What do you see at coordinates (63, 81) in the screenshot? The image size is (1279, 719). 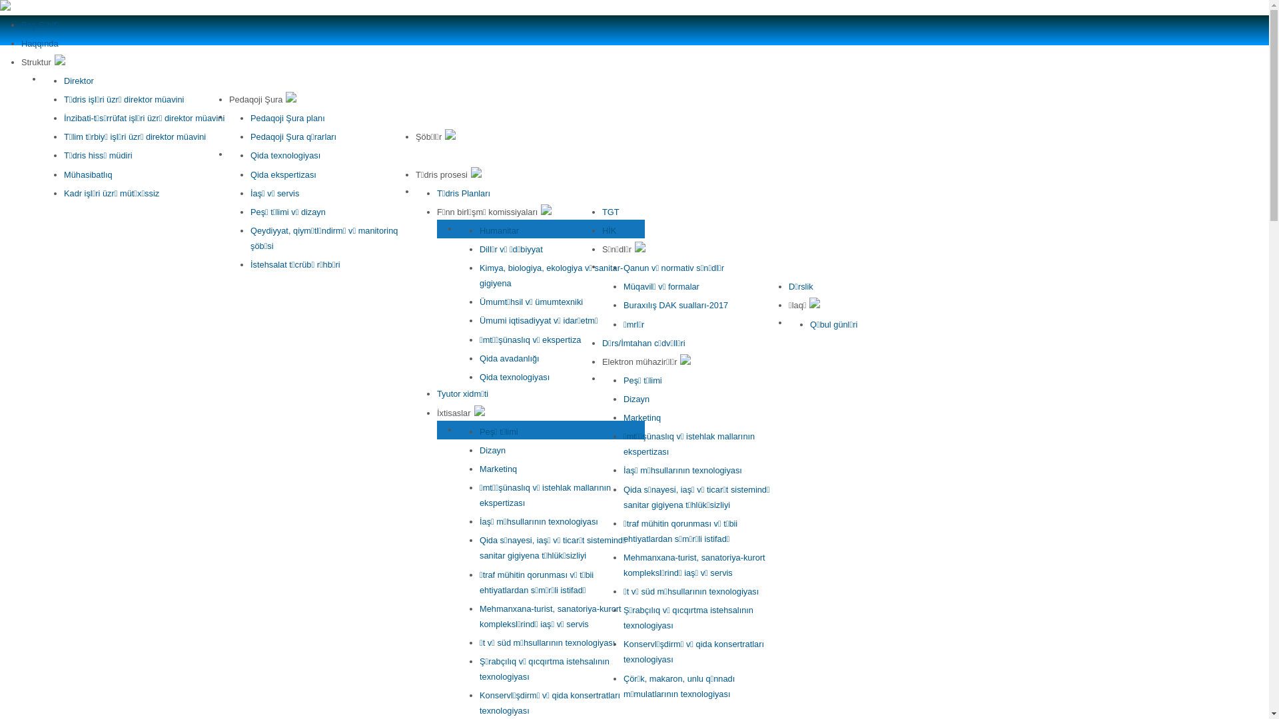 I see `'Direktor'` at bounding box center [63, 81].